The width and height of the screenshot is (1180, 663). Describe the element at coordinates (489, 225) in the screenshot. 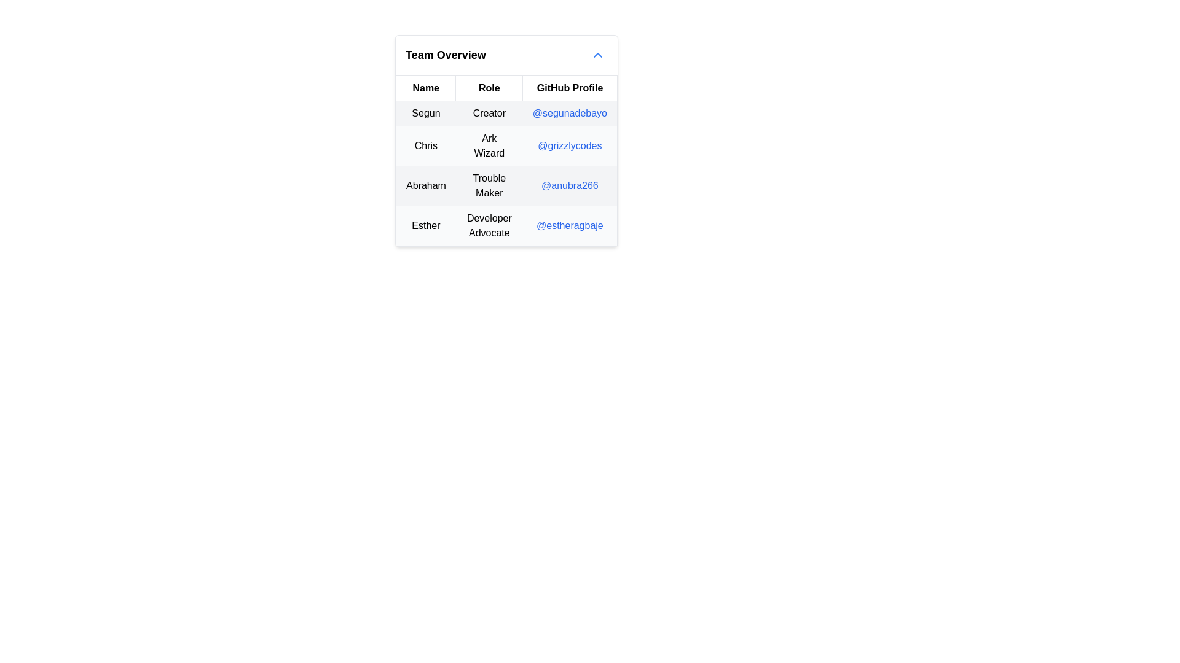

I see `the text label indicating Esther's role as 'Developer Advocate' located in the fourth row of the 'Role' column in the table` at that location.